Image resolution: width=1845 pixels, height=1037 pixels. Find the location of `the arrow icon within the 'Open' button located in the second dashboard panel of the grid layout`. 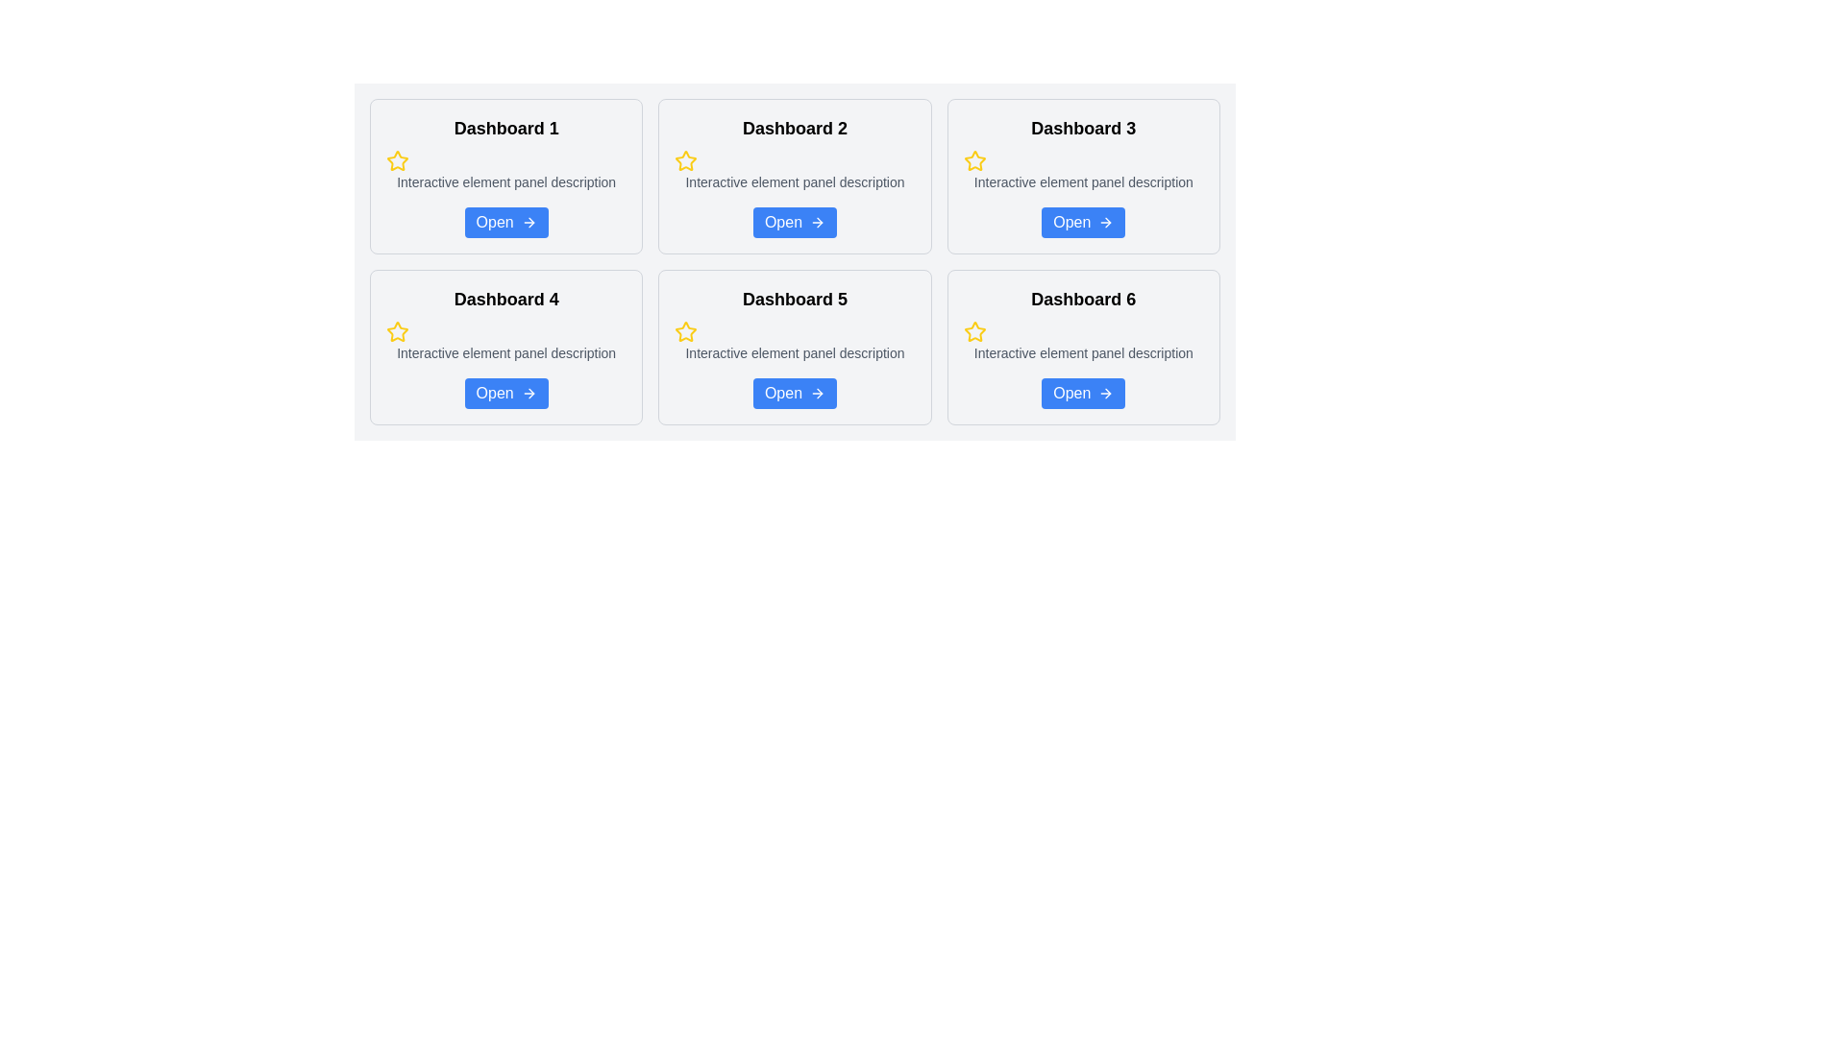

the arrow icon within the 'Open' button located in the second dashboard panel of the grid layout is located at coordinates (818, 221).